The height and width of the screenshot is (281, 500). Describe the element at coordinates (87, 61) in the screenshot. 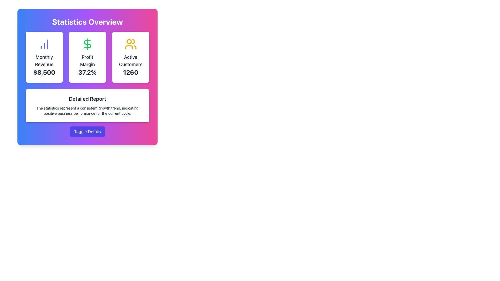

I see `the 'Profit Margin' text label, which is displayed in bold font as a title in the 'Statistics Overview' section, located below a dollar sign icon` at that location.